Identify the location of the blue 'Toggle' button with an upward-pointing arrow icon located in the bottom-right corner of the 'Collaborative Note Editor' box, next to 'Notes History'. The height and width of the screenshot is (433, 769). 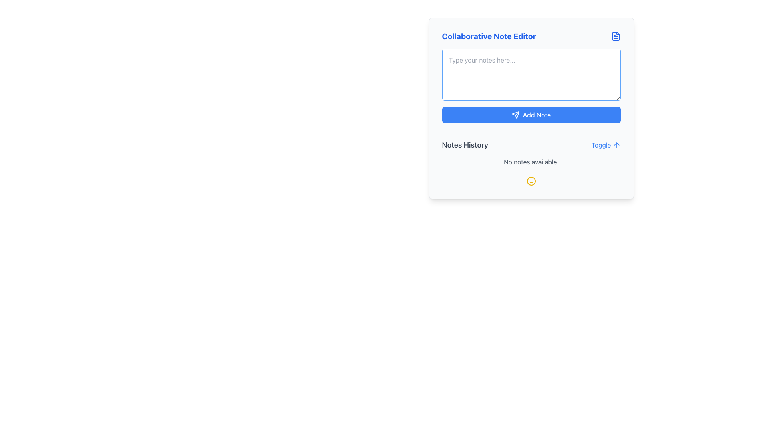
(606, 145).